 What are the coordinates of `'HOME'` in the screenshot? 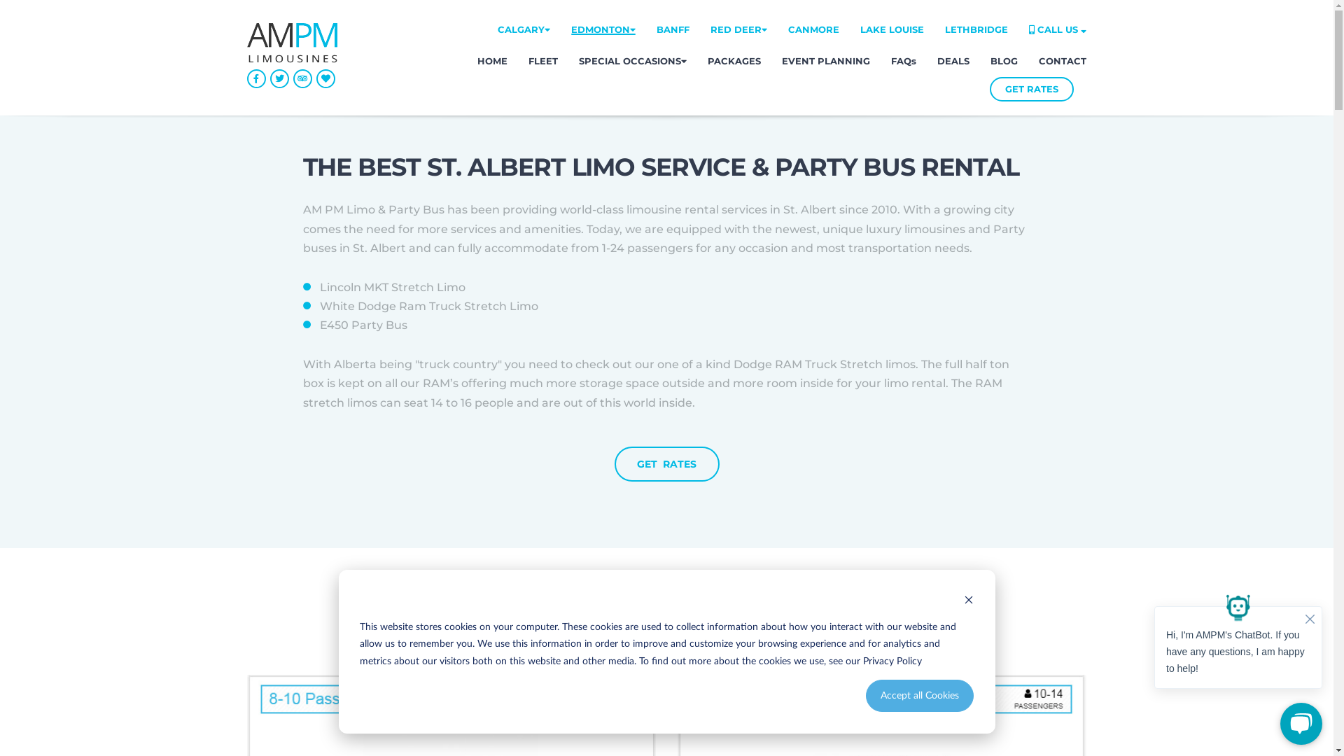 It's located at (492, 60).